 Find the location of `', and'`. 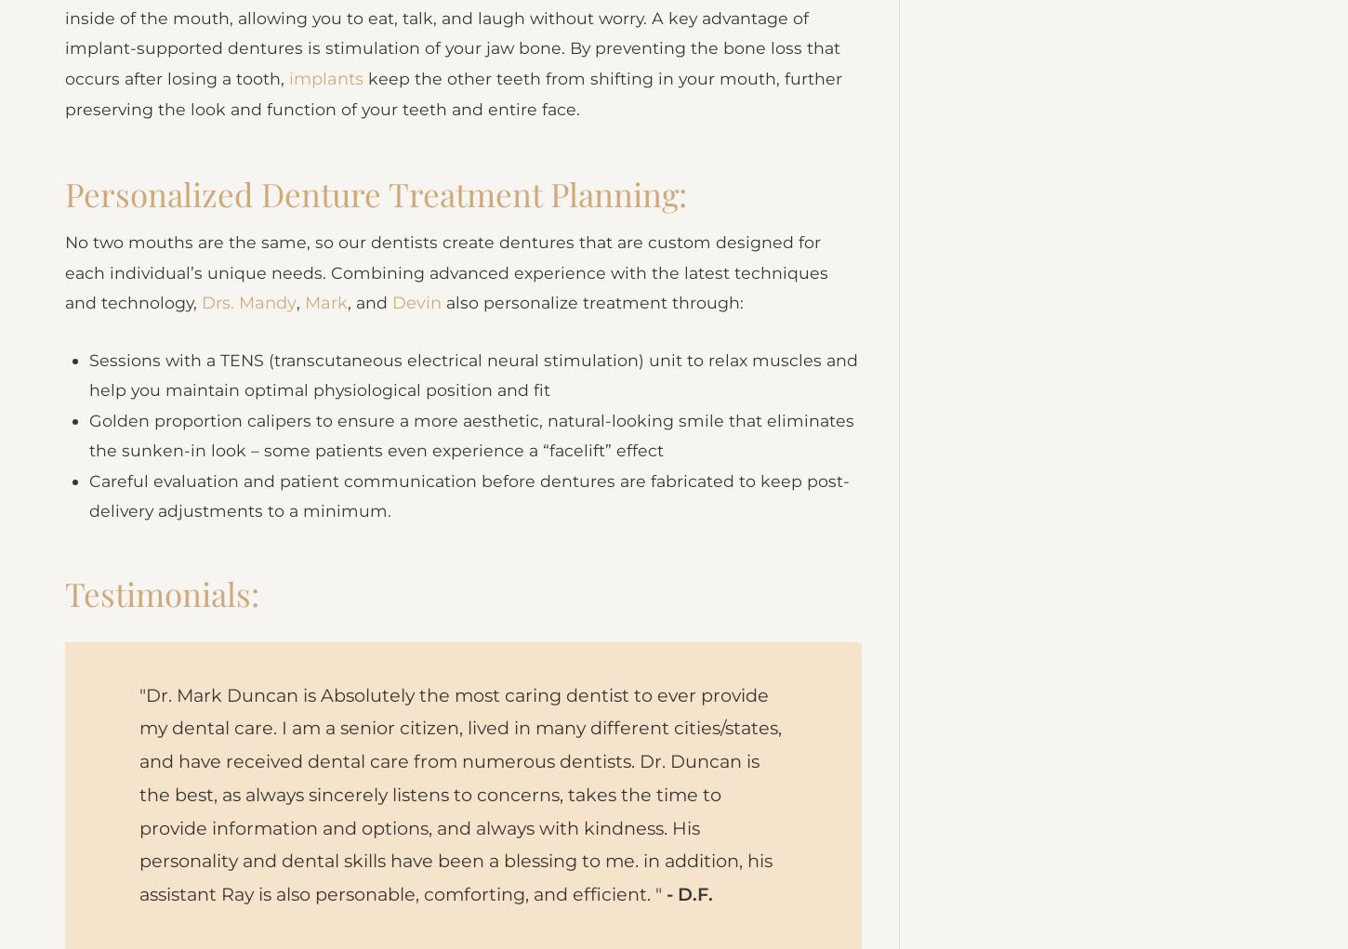

', and' is located at coordinates (370, 336).